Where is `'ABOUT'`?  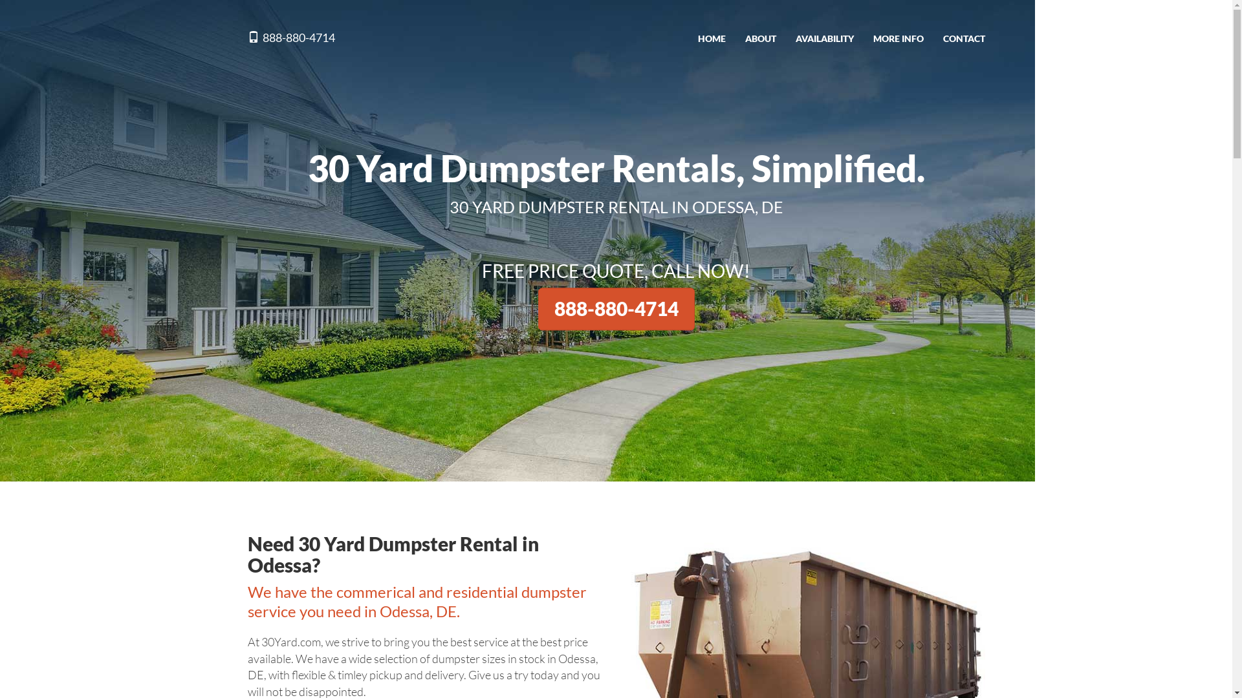
'ABOUT' is located at coordinates (760, 38).